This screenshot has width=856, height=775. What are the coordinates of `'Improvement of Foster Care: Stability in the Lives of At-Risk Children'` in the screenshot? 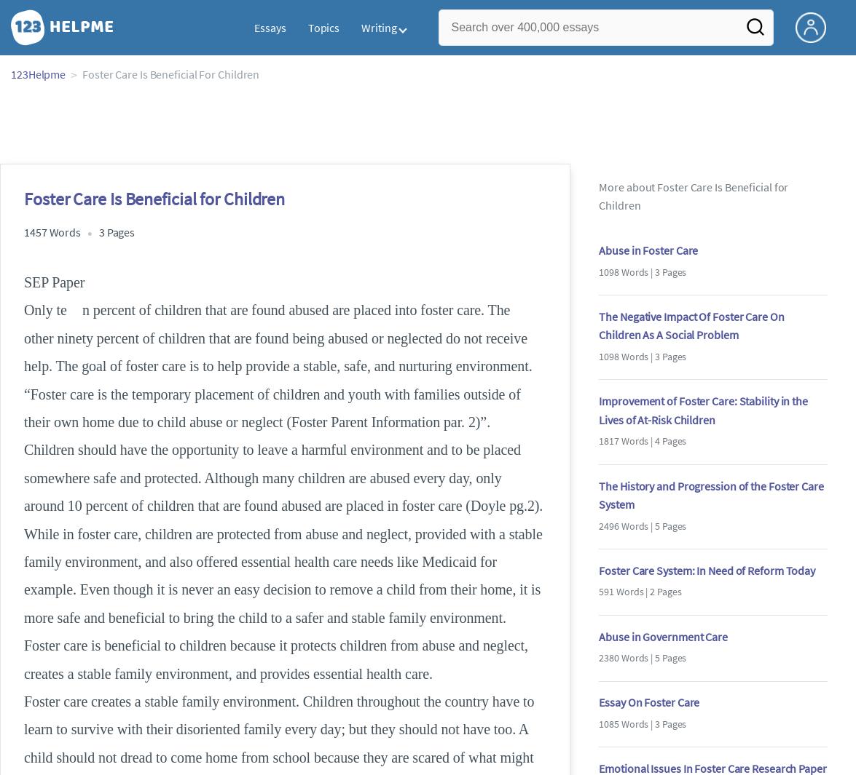 It's located at (702, 410).